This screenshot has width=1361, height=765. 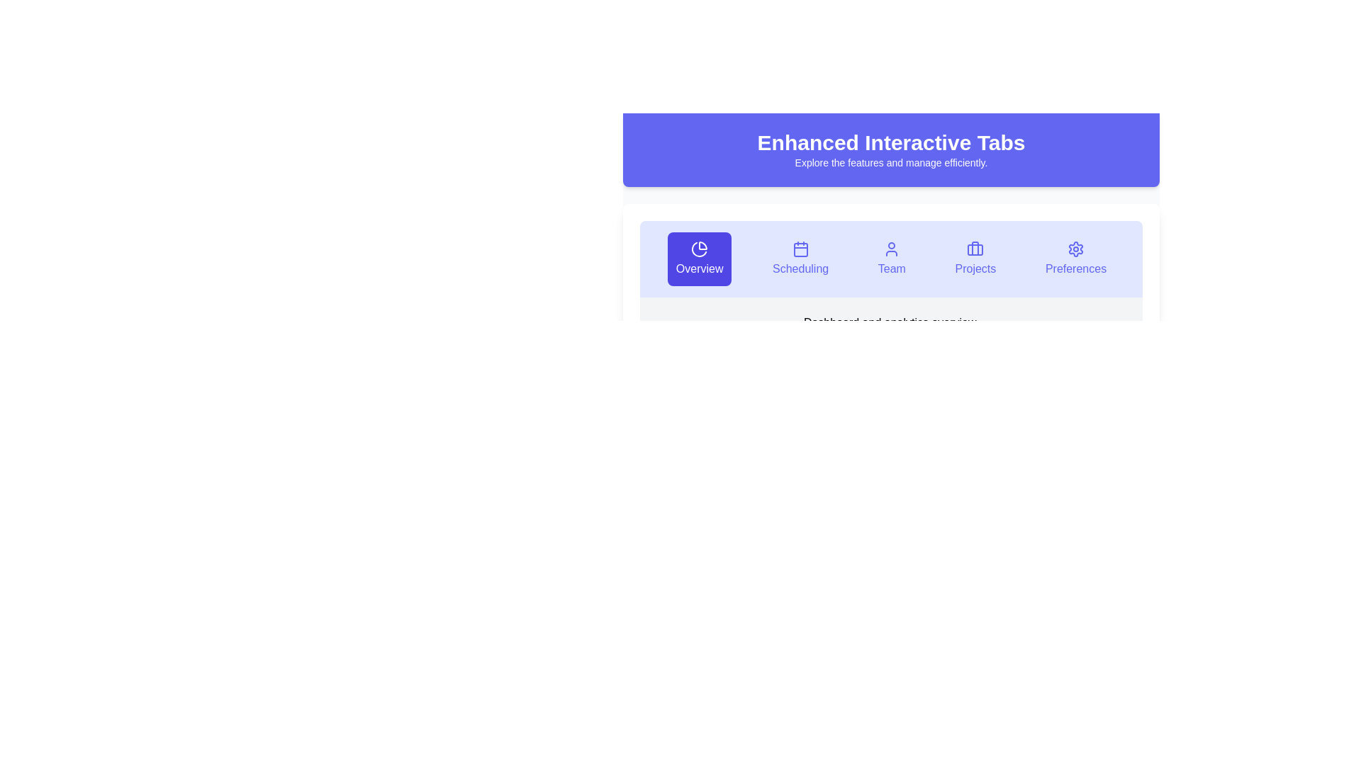 I want to click on the settings icon located within the SVG element in the menu bar on the right side, so click(x=1075, y=248).